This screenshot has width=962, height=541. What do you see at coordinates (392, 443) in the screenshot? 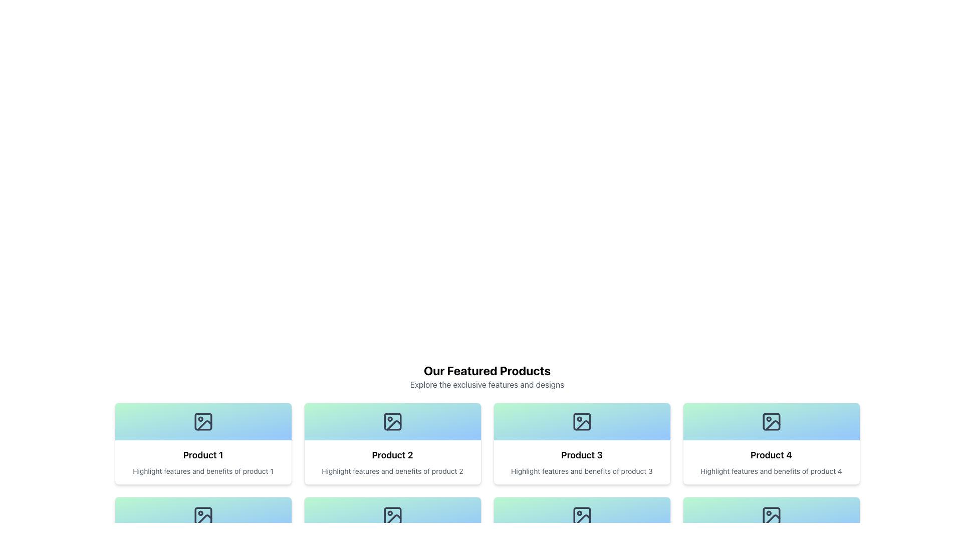
I see `the Product card with a white background, rounded corners, and a gradient area at the top, which contains the text 'Product 2' and is located in the second position of a 4x2 grid layout` at bounding box center [392, 443].